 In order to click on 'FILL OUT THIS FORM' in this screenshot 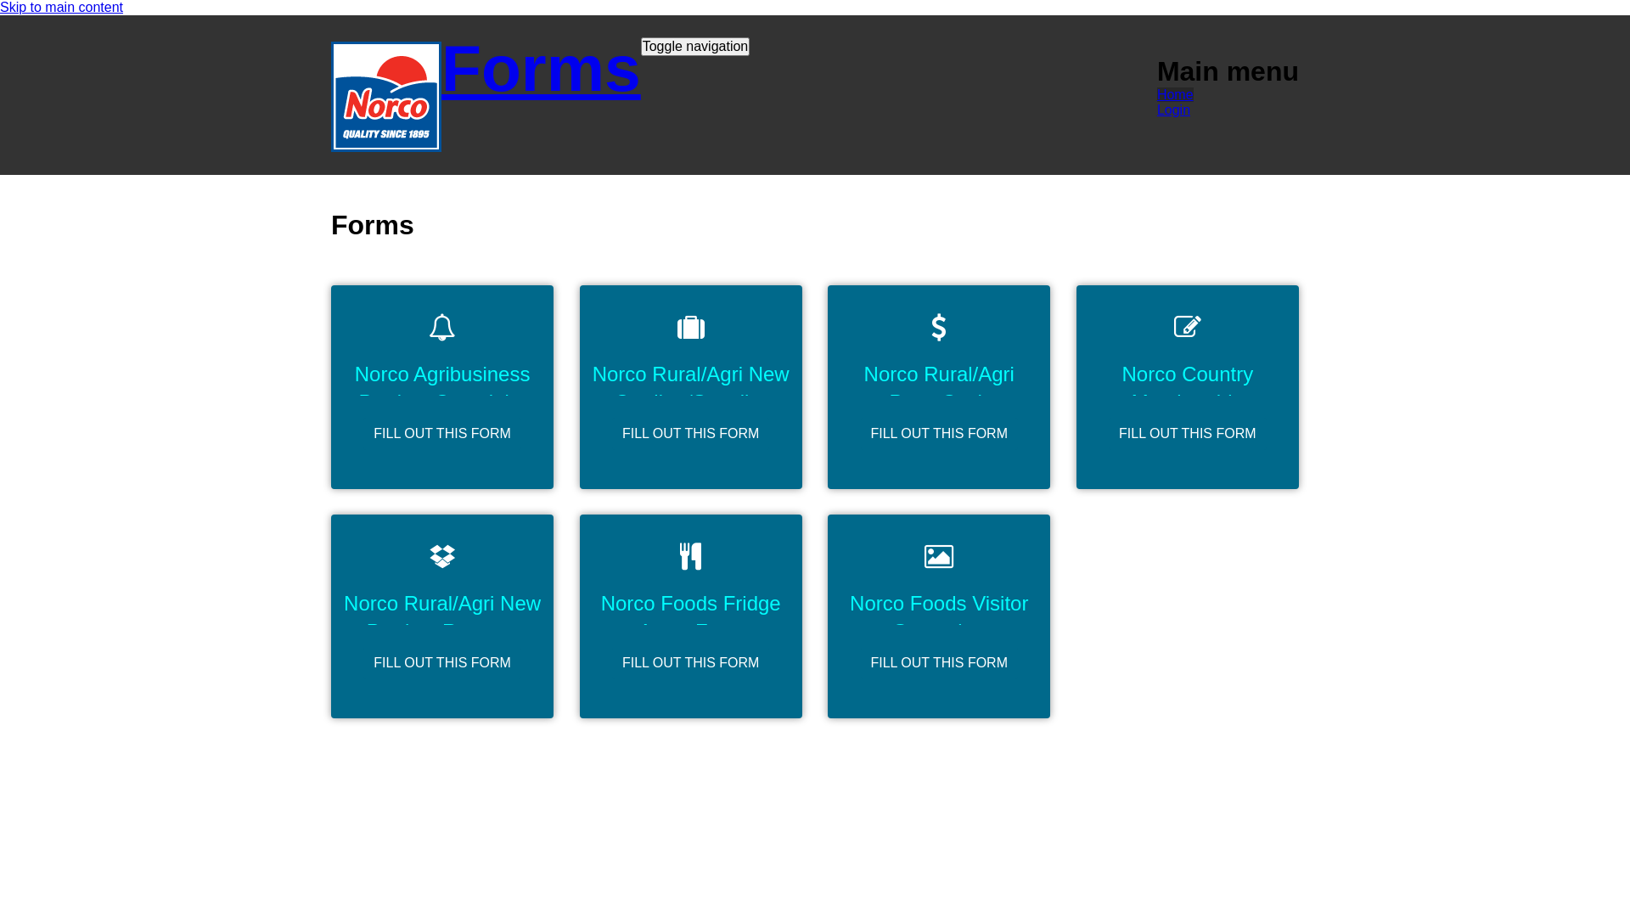, I will do `click(939, 432)`.